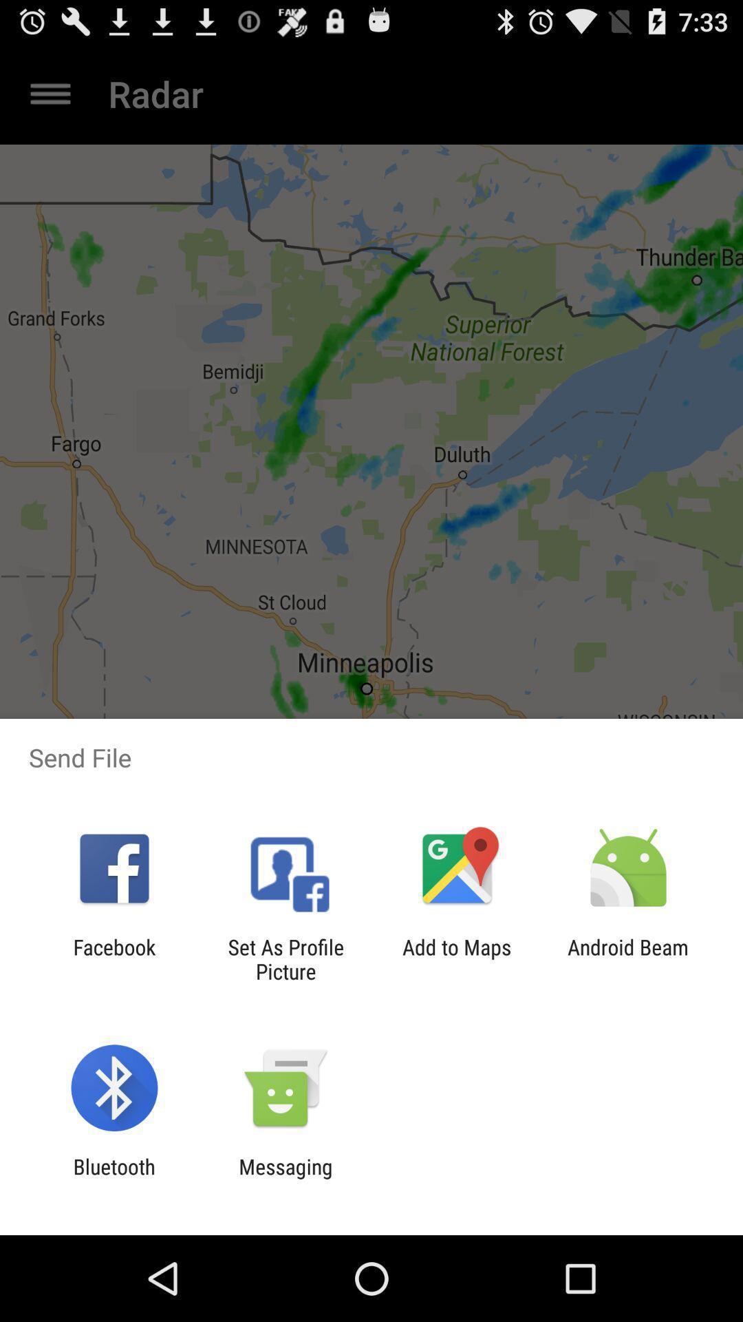 This screenshot has width=743, height=1322. Describe the element at coordinates (114, 1178) in the screenshot. I see `bluetooth item` at that location.